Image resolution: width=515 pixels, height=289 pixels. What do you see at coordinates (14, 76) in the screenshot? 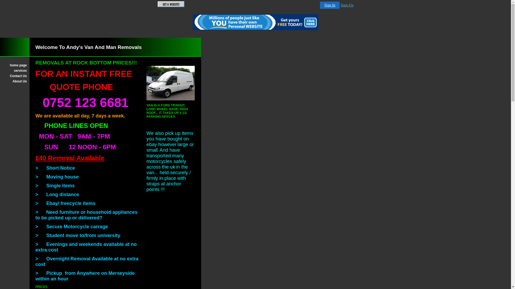
I see `'Contact Us'` at bounding box center [14, 76].